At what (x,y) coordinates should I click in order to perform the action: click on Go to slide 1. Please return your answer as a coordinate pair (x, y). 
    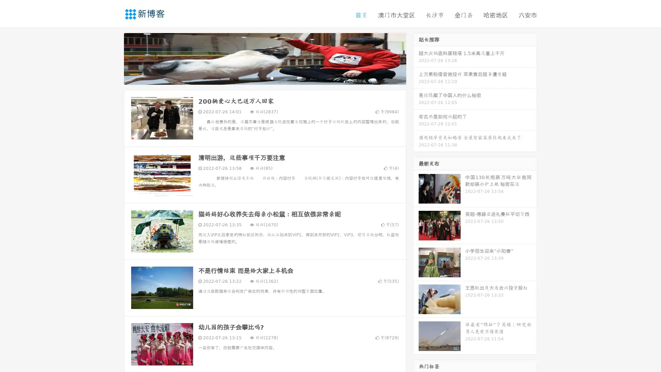
    Looking at the image, I should click on (258, 77).